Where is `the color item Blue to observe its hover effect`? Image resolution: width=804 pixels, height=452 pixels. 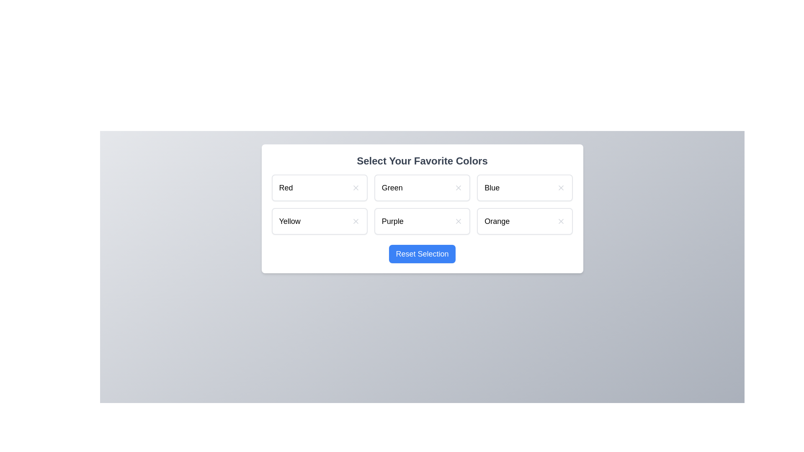 the color item Blue to observe its hover effect is located at coordinates (524, 187).